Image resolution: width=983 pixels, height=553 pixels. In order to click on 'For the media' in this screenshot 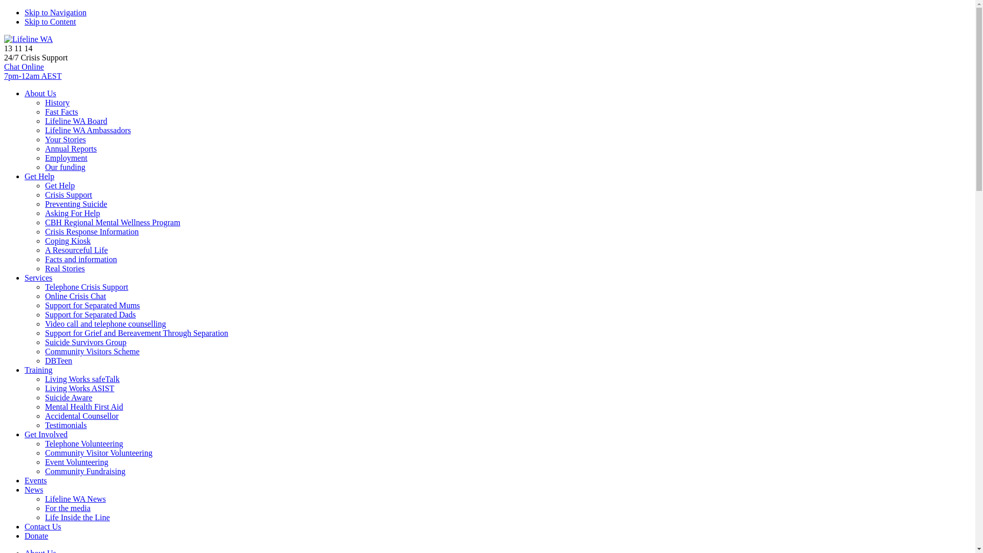, I will do `click(67, 508)`.